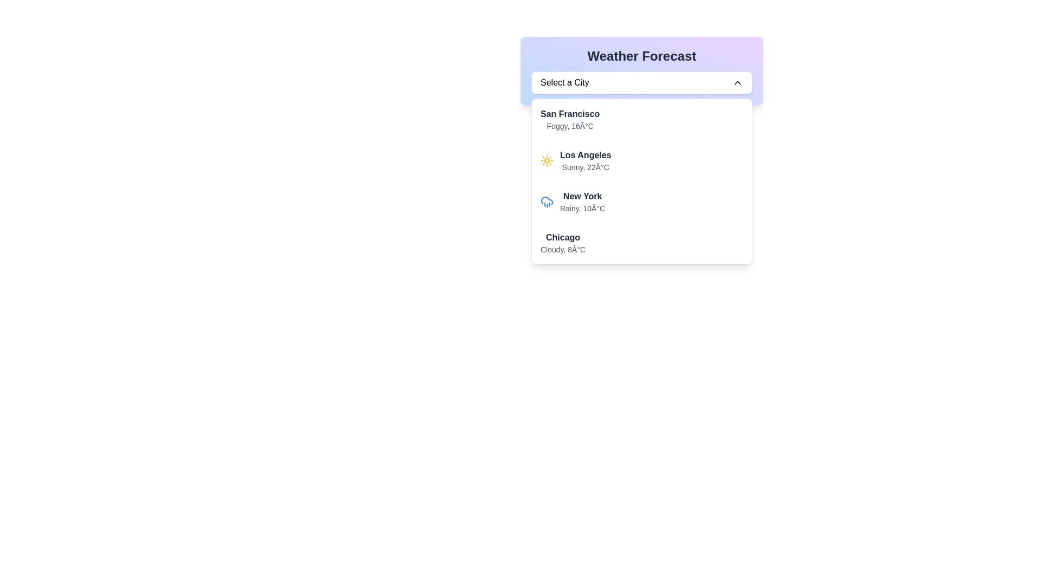 The image size is (1040, 585). Describe the element at coordinates (585, 161) in the screenshot. I see `the weather forecast entry for 'Los Angeles', which displays 'Sunny, 22°C' below the city name in a list of weather information` at that location.